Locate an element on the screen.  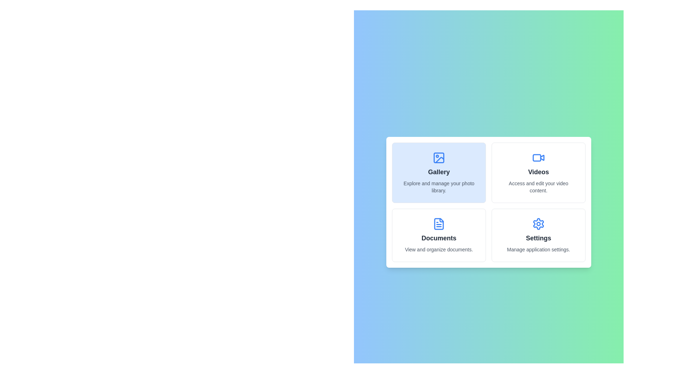
the panel corresponding to Gallery is located at coordinates (438, 173).